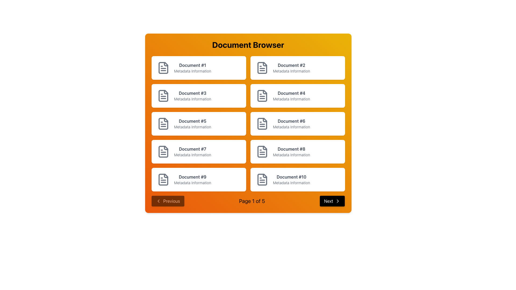 The height and width of the screenshot is (290, 516). What do you see at coordinates (262, 68) in the screenshot?
I see `the file icon with a paper-like design located in the 'Document #2' card, positioned to the left of the title 'Document #2'` at bounding box center [262, 68].